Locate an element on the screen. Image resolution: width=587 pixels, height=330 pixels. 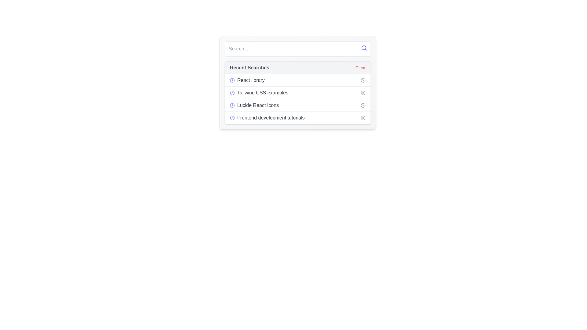
the appearance of the circular SVG icon with a light blue stroke in the 'Lucide React Icons' row of the 'Recent Searches' list, located to the left of the text label is located at coordinates (232, 105).